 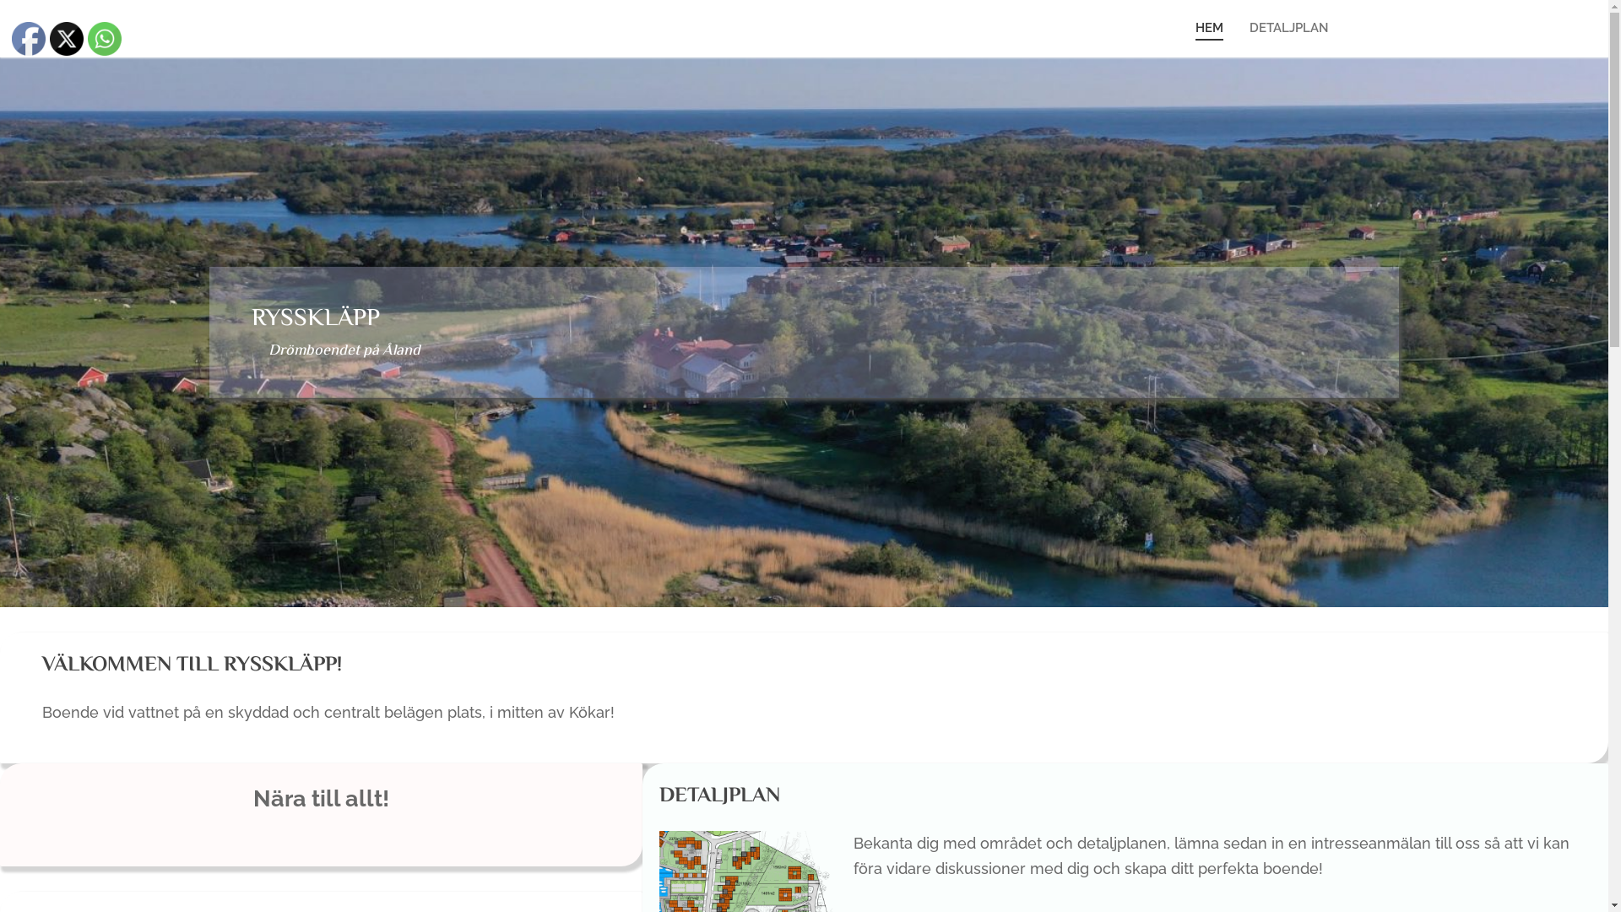 What do you see at coordinates (104, 38) in the screenshot?
I see `'WhatsApp'` at bounding box center [104, 38].